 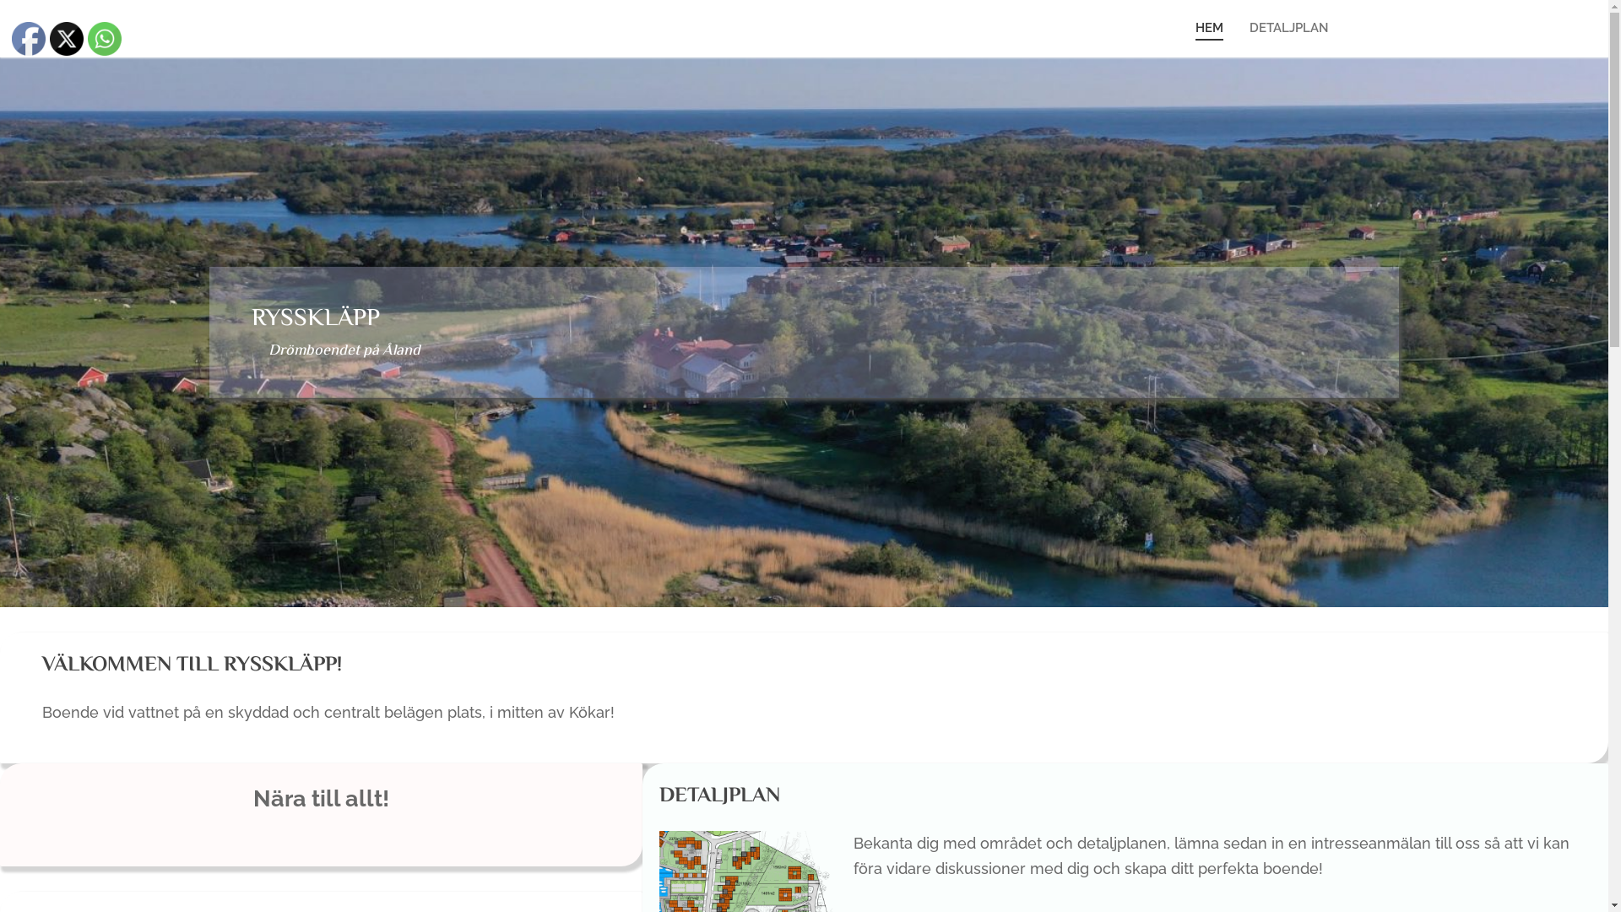 What do you see at coordinates (104, 38) in the screenshot?
I see `'WhatsApp'` at bounding box center [104, 38].